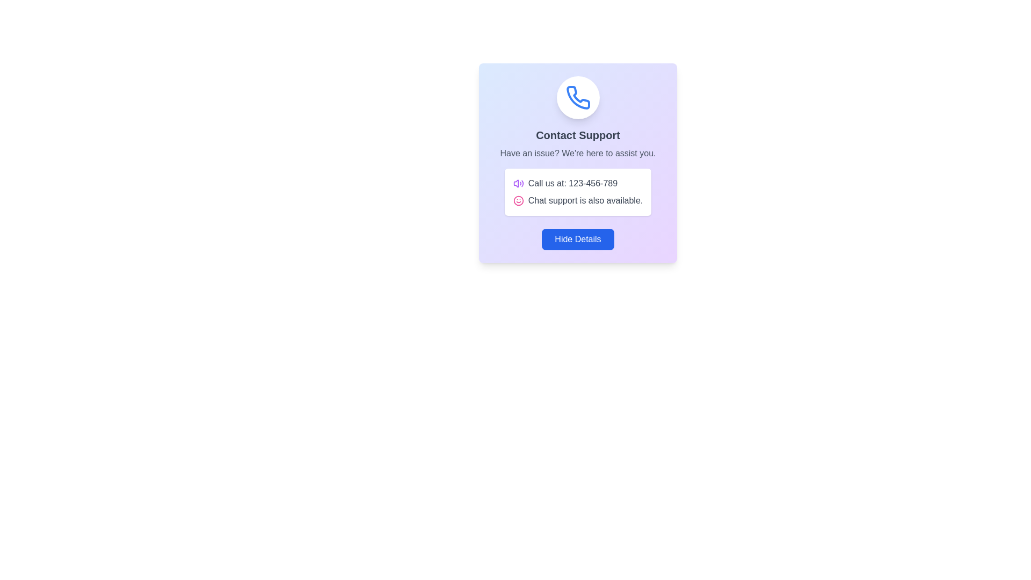 The image size is (1031, 580). What do you see at coordinates (577, 153) in the screenshot?
I see `the text label located within the support information card, positioned below the title 'Contact Support' and above the contact methods section` at bounding box center [577, 153].